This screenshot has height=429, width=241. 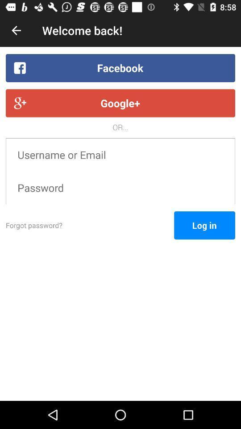 What do you see at coordinates (120, 155) in the screenshot?
I see `item below the or... item` at bounding box center [120, 155].